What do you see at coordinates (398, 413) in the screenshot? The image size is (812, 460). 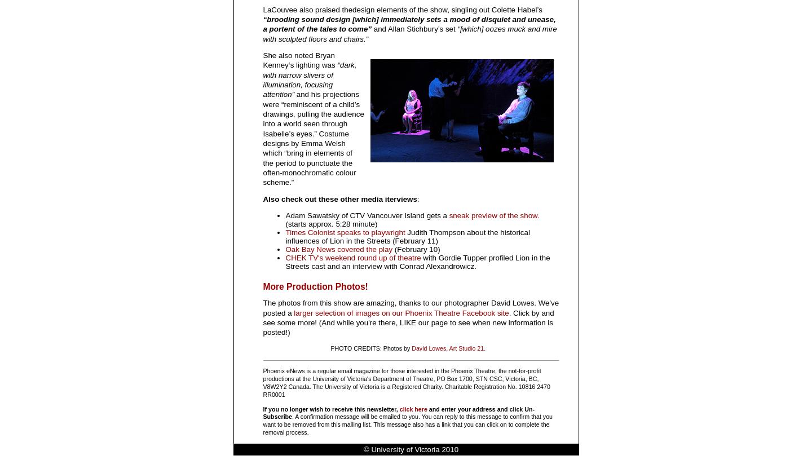 I see `'and enter your address and click Un-Subscribe'` at bounding box center [398, 413].